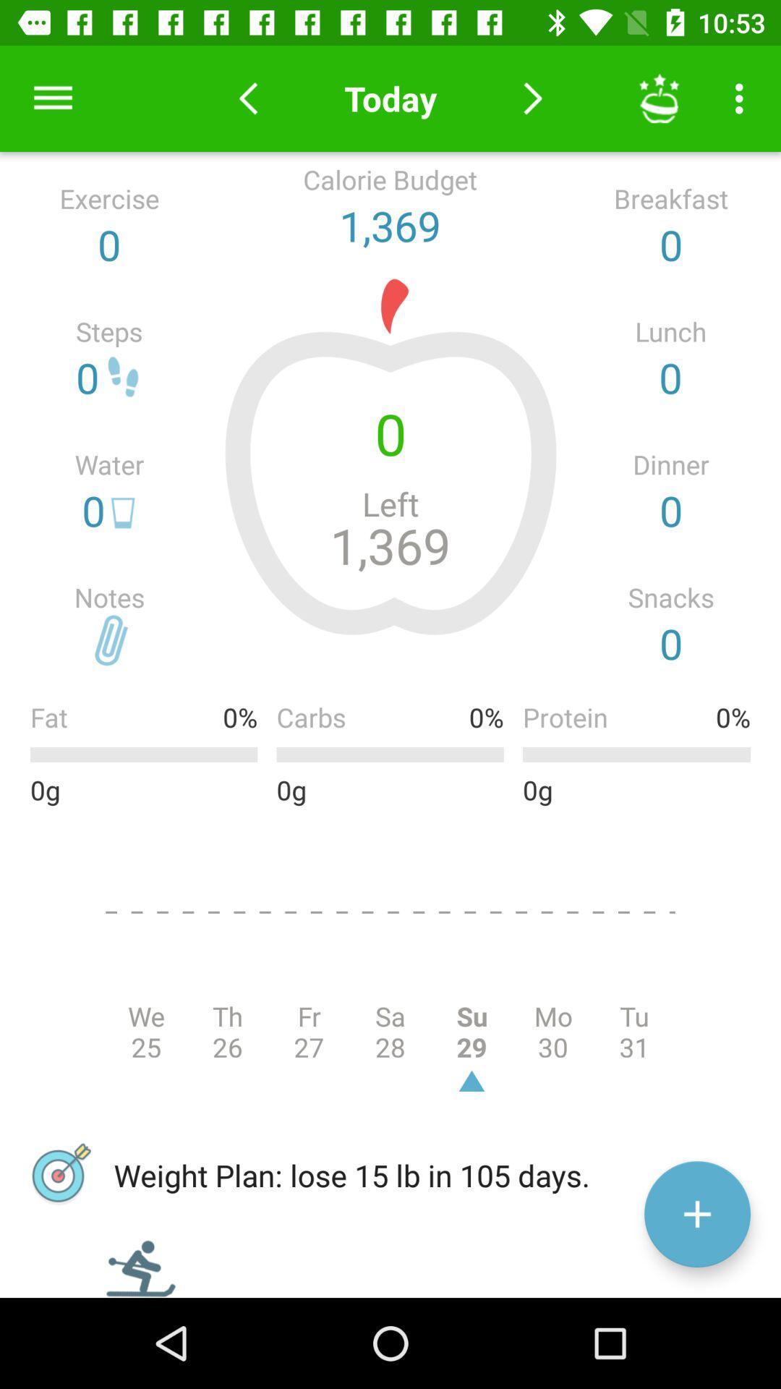 The height and width of the screenshot is (1389, 781). What do you see at coordinates (247, 98) in the screenshot?
I see `the previous page` at bounding box center [247, 98].